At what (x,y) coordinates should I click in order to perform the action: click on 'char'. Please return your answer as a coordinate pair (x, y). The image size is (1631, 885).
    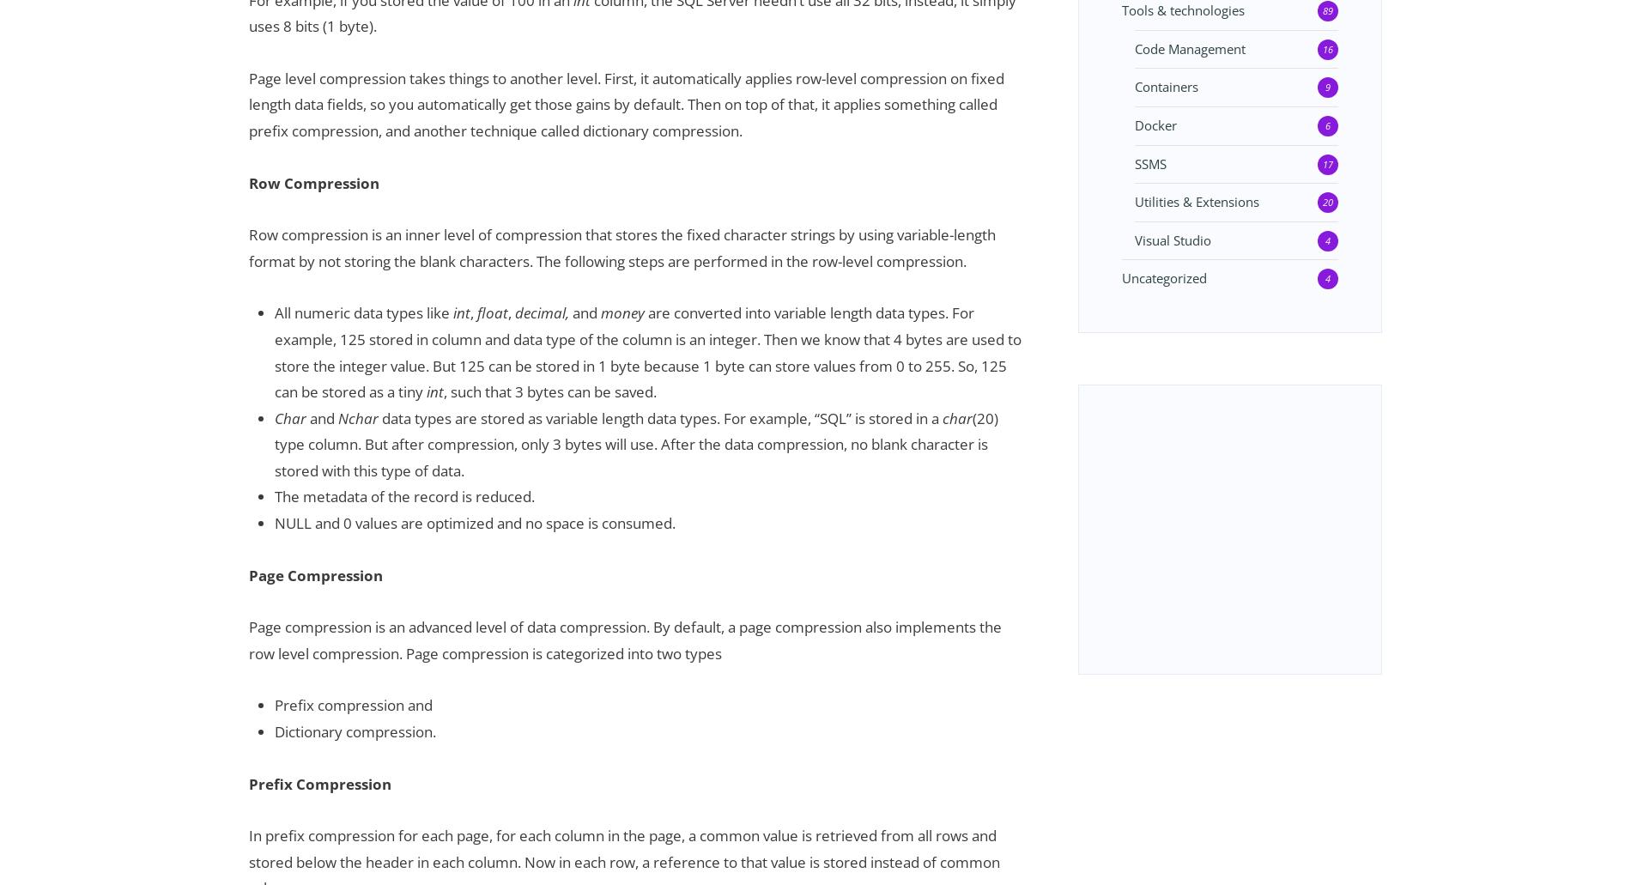
    Looking at the image, I should click on (957, 417).